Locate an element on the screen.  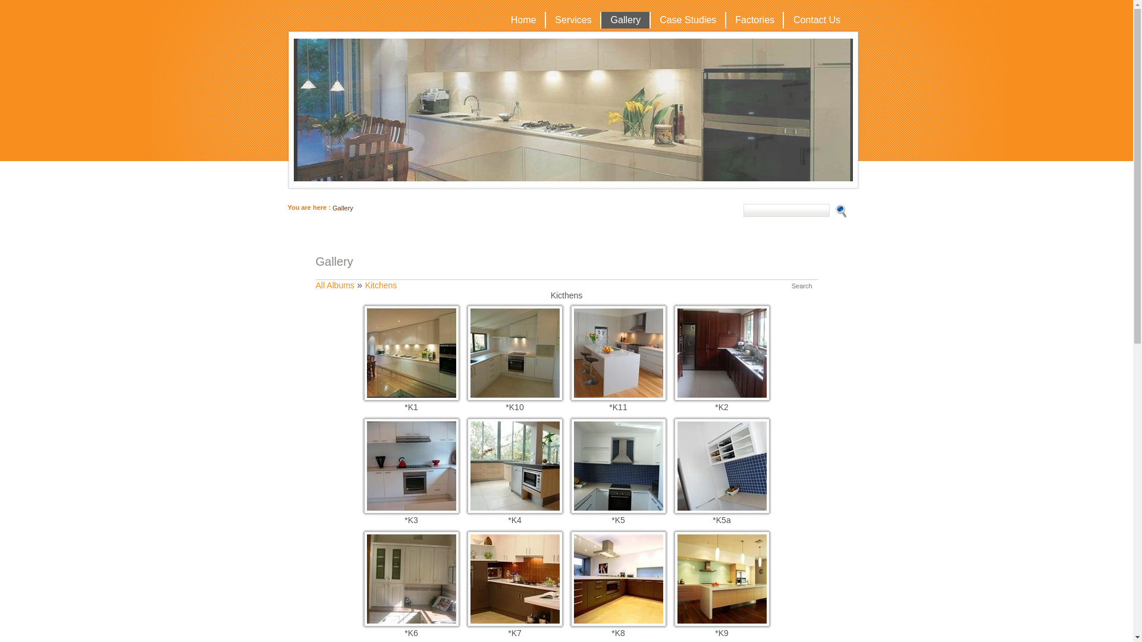
'Kitchens' is located at coordinates (381, 285).